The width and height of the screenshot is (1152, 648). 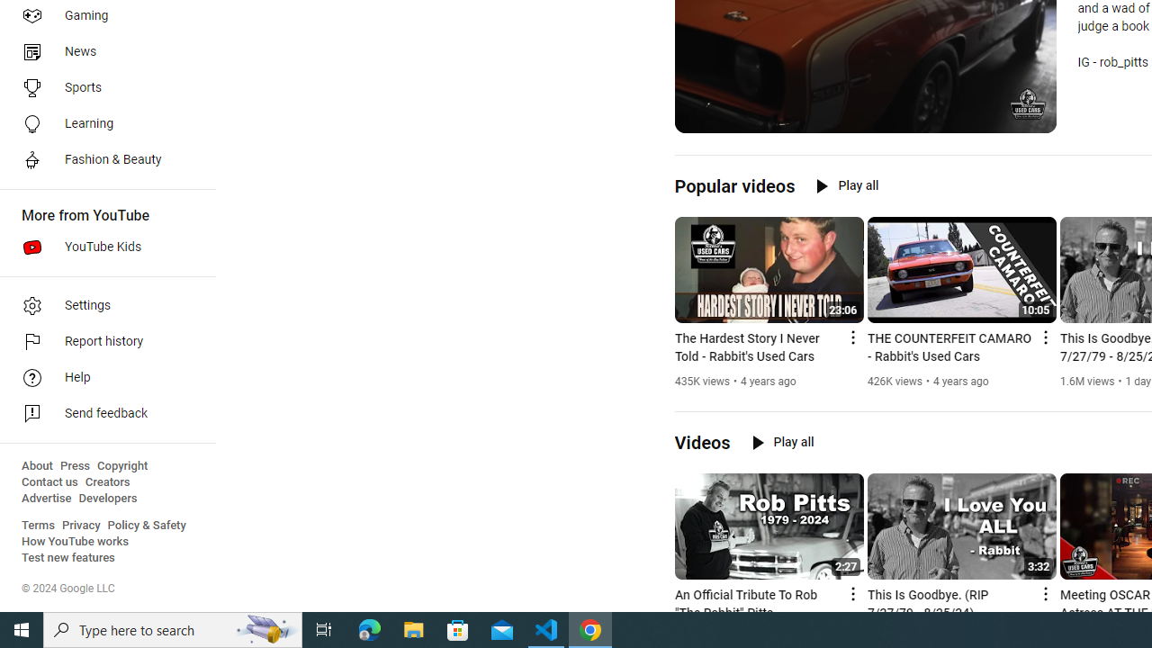 What do you see at coordinates (865, 98) in the screenshot?
I see `'Seek slider'` at bounding box center [865, 98].